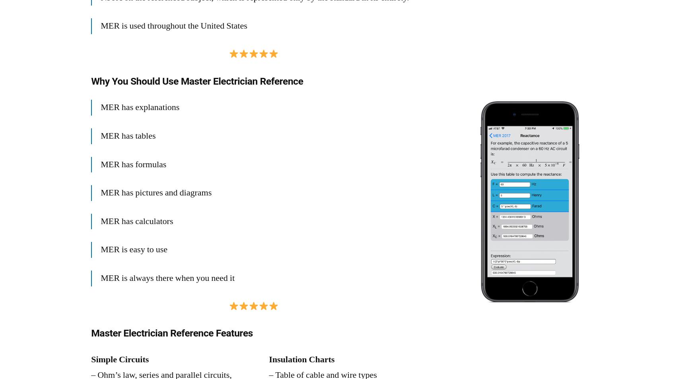  Describe the element at coordinates (91, 80) in the screenshot. I see `'Why You Should Use Master Electrician Reference'` at that location.